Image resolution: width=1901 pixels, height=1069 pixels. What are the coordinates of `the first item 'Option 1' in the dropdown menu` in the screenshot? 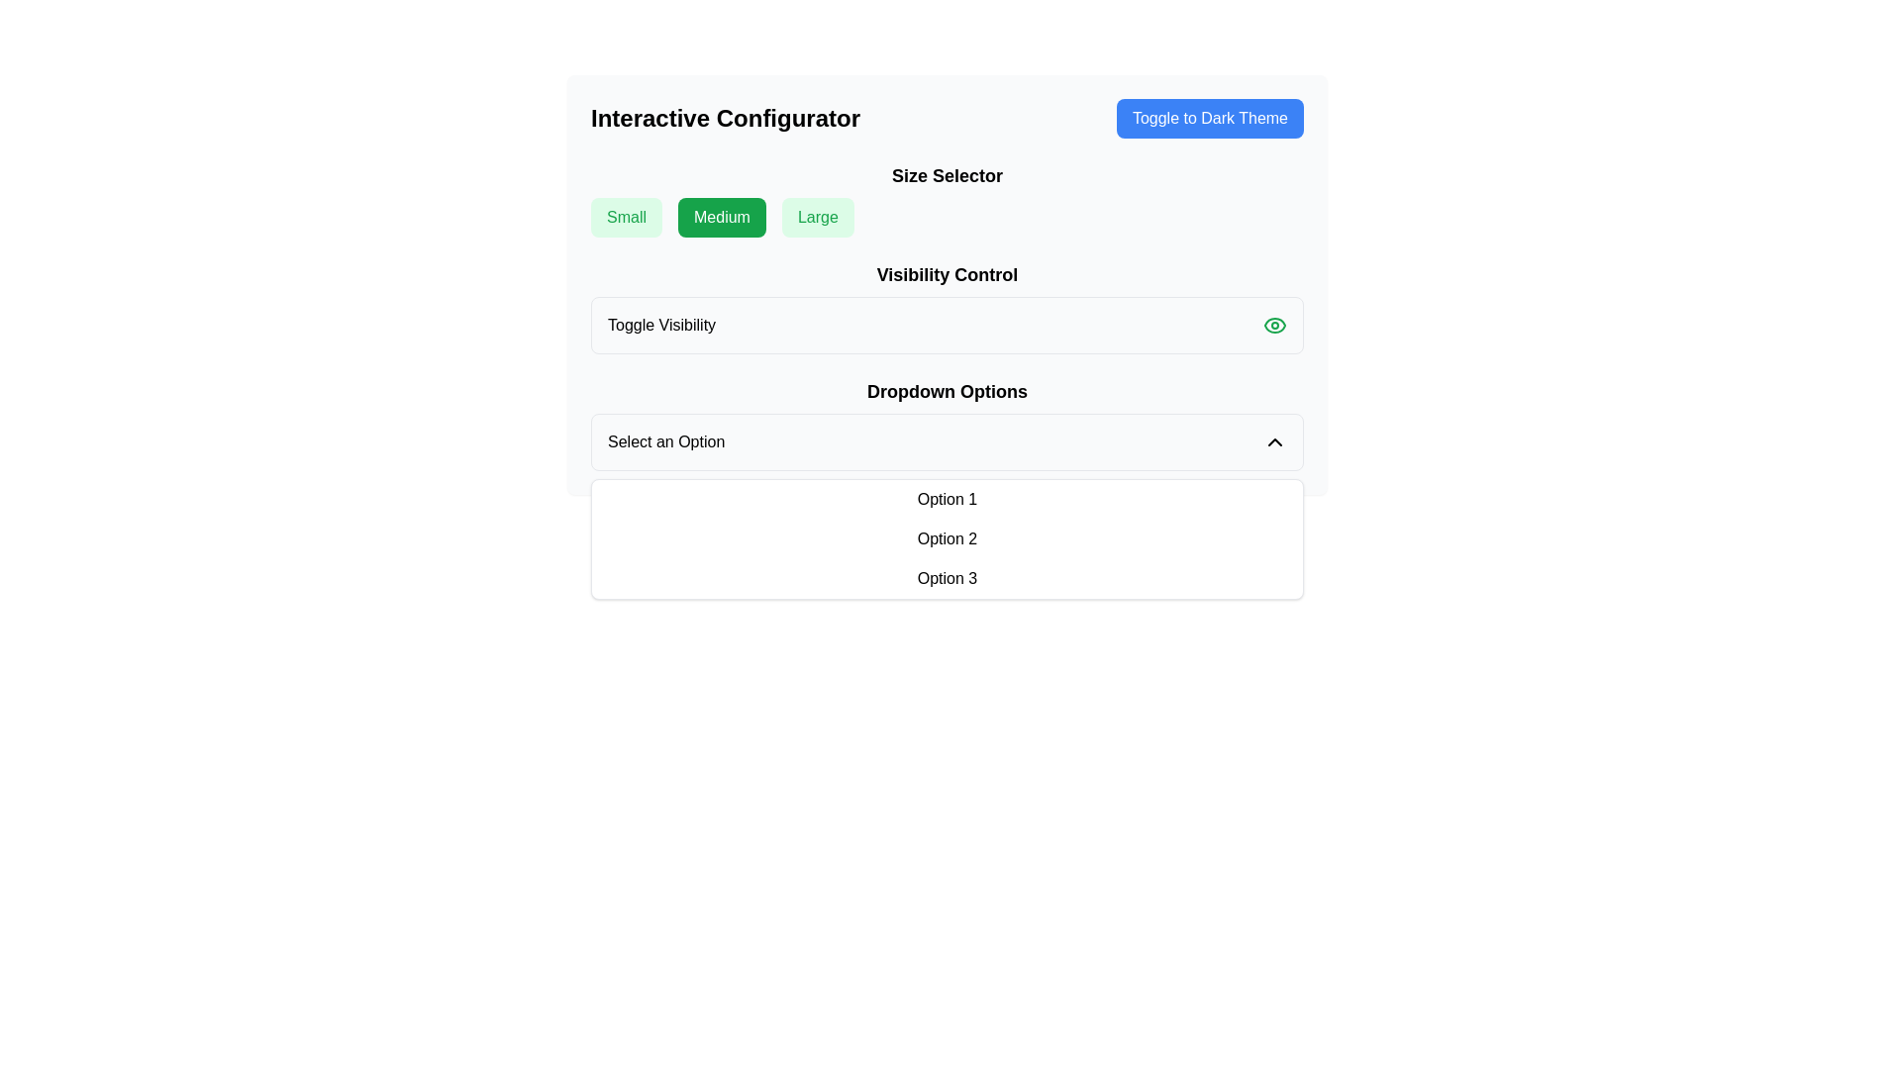 It's located at (946, 499).